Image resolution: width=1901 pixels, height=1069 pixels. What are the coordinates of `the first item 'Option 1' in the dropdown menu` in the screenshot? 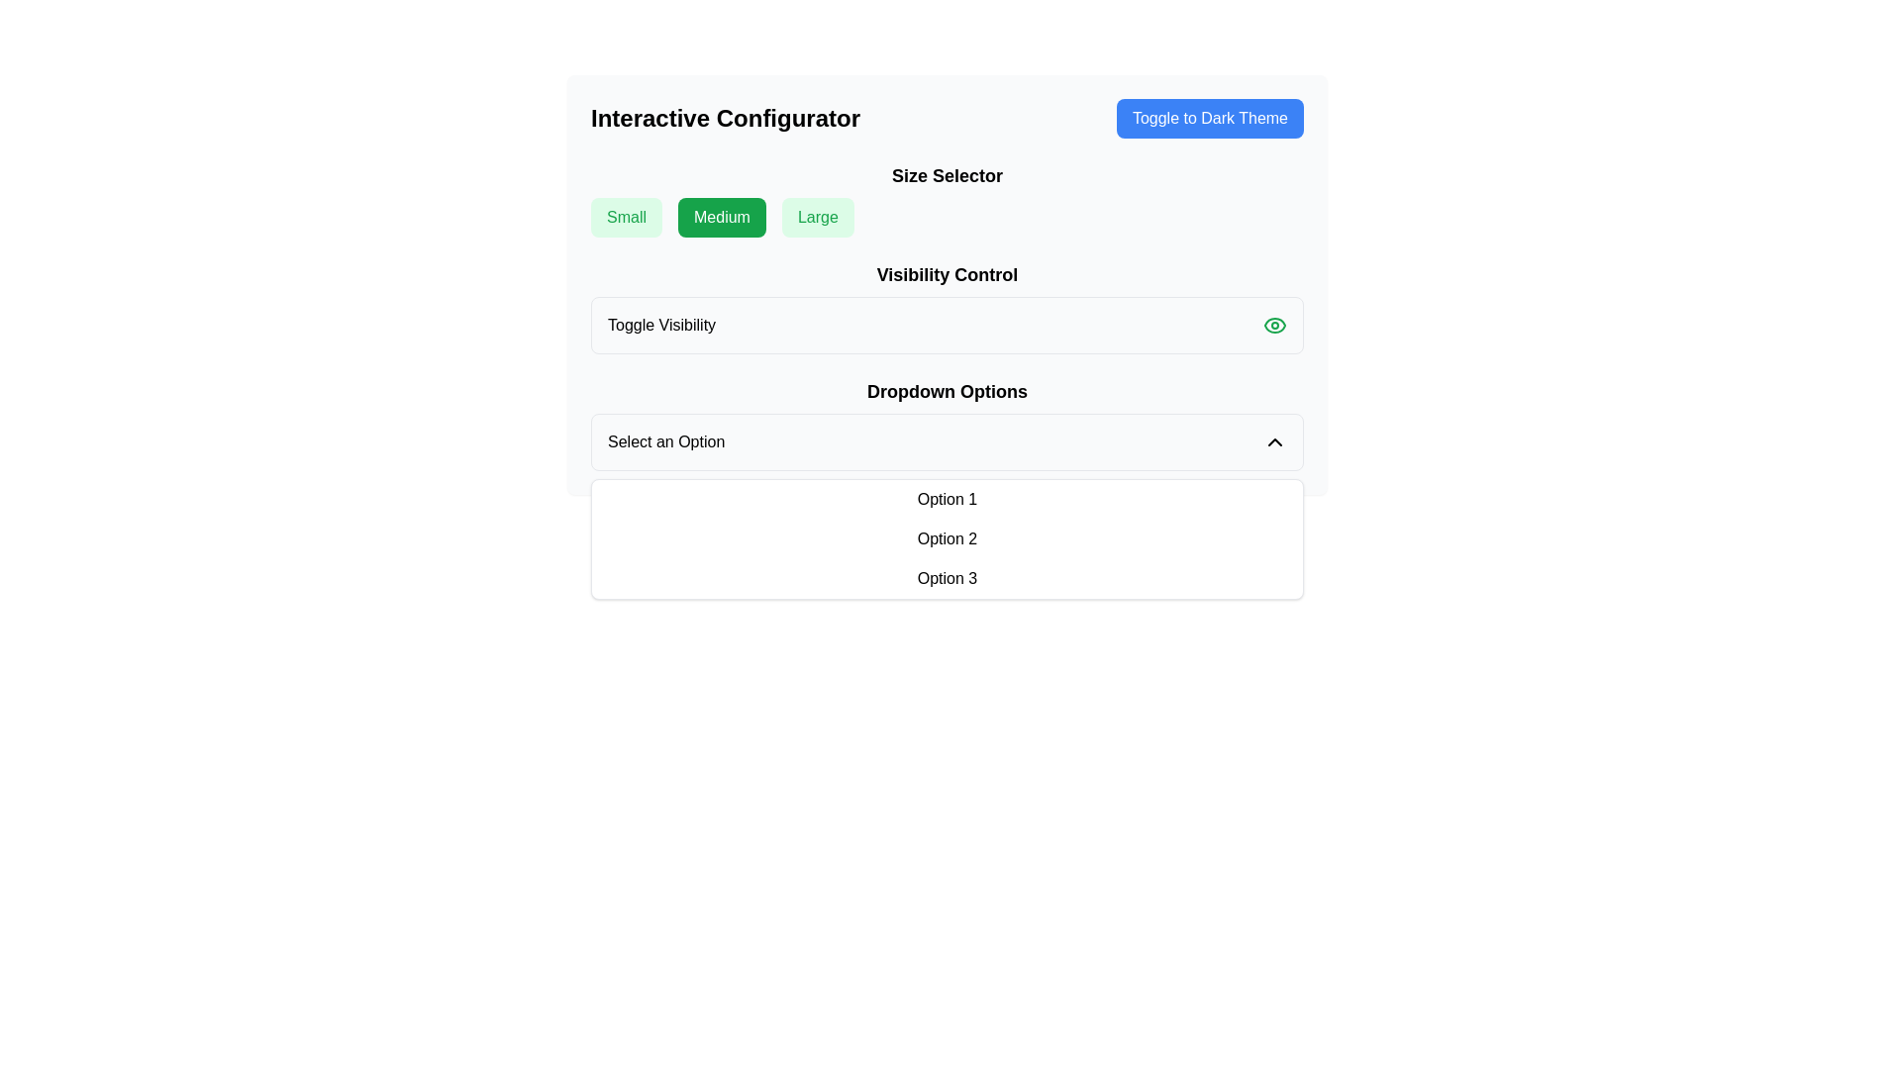 It's located at (946, 499).